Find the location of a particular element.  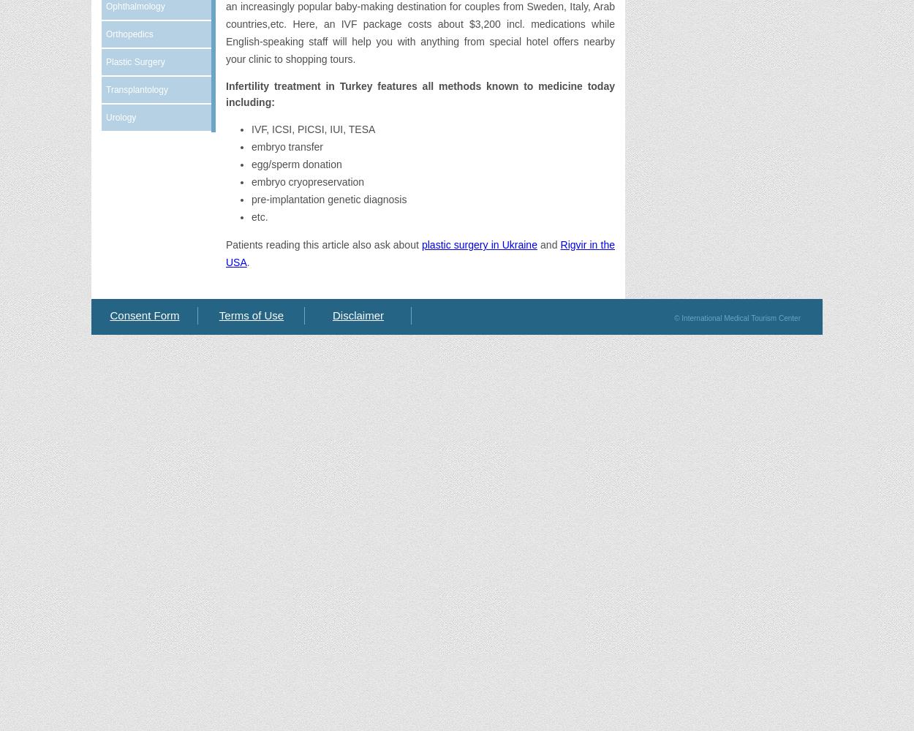

'IVF, ICSI, PICSI, IUI, TESA' is located at coordinates (313, 129).